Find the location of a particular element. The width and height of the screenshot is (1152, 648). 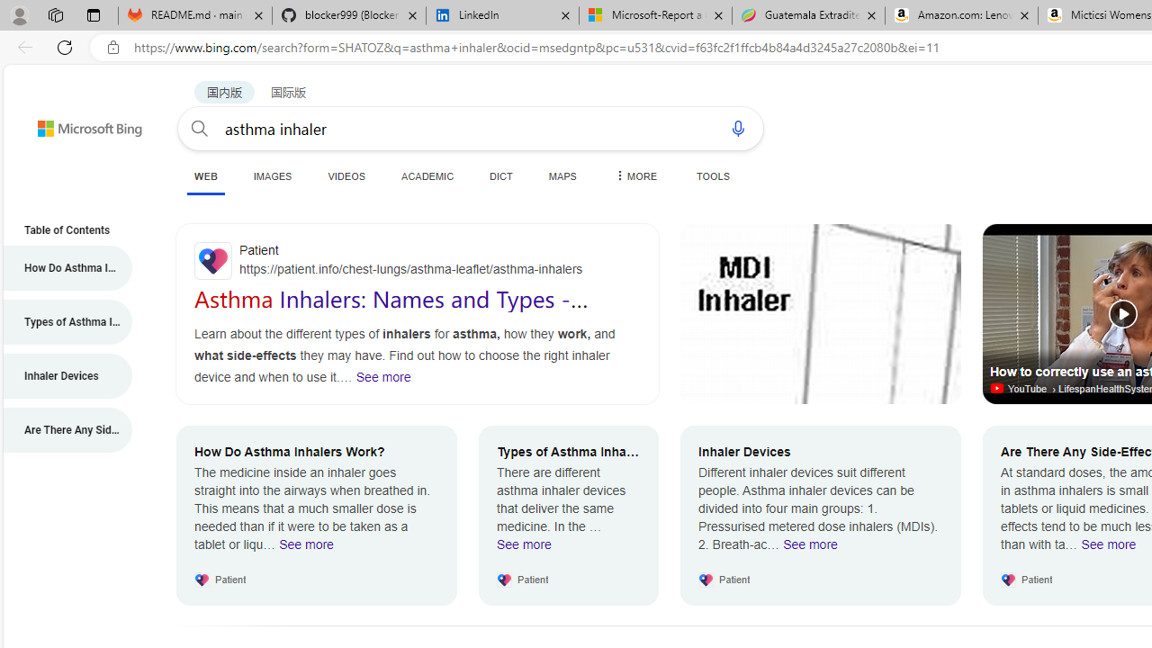

'Dropdown Menu' is located at coordinates (634, 175).